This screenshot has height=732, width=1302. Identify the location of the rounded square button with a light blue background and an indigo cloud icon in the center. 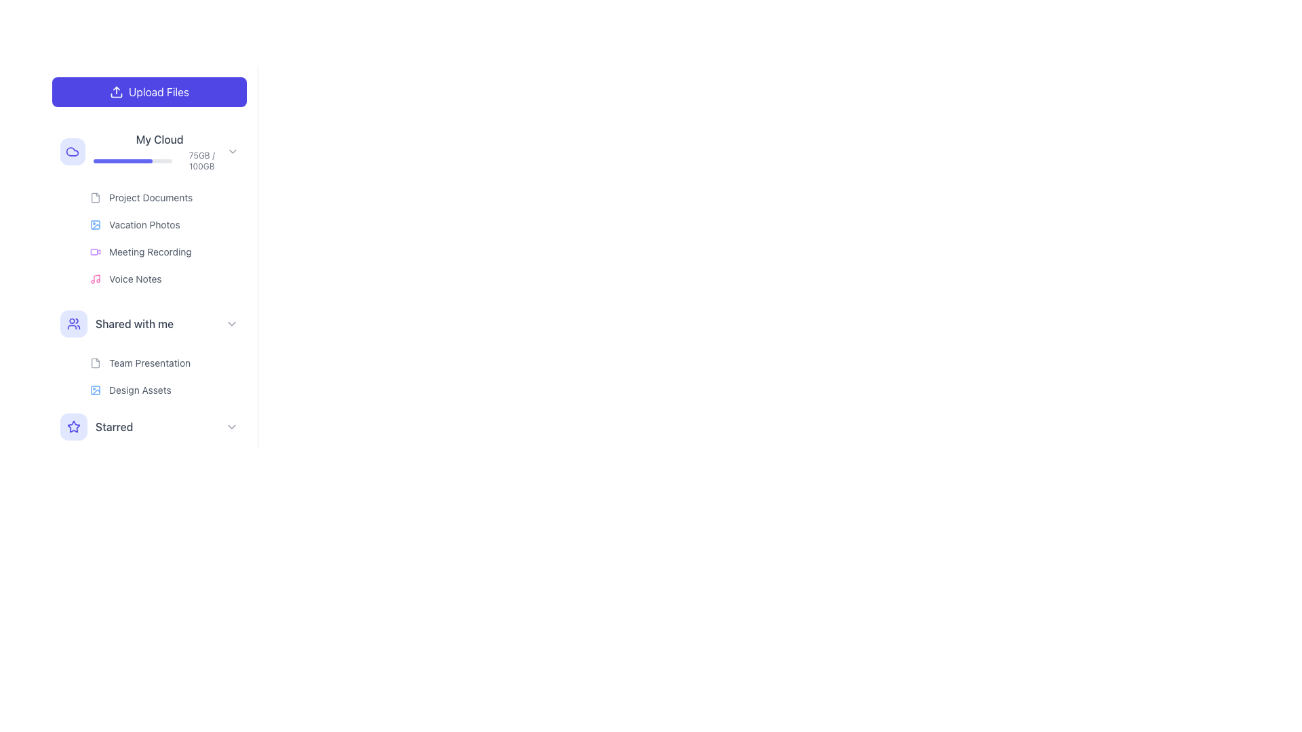
(71, 151).